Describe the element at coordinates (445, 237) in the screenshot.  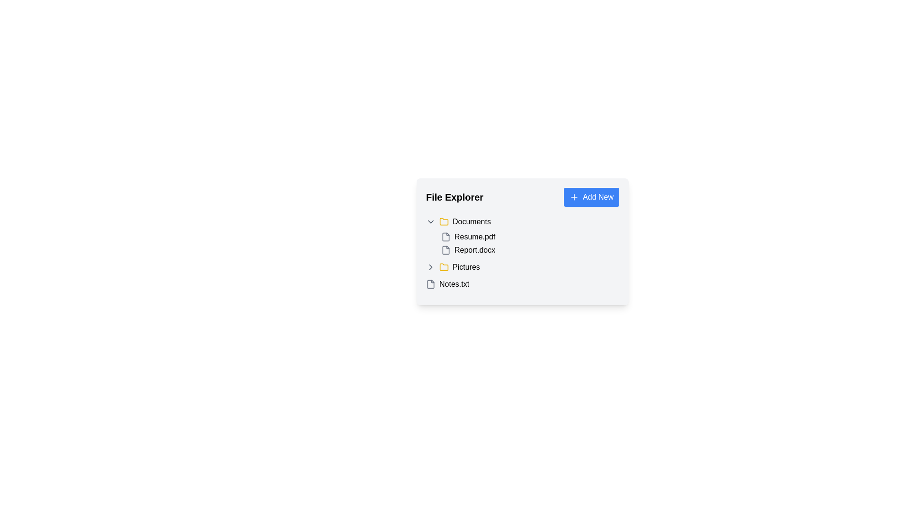
I see `the icon representing the 'Resume.pdf' file in the file explorer interface, located to the left of the text label 'Resume.pdf'` at that location.